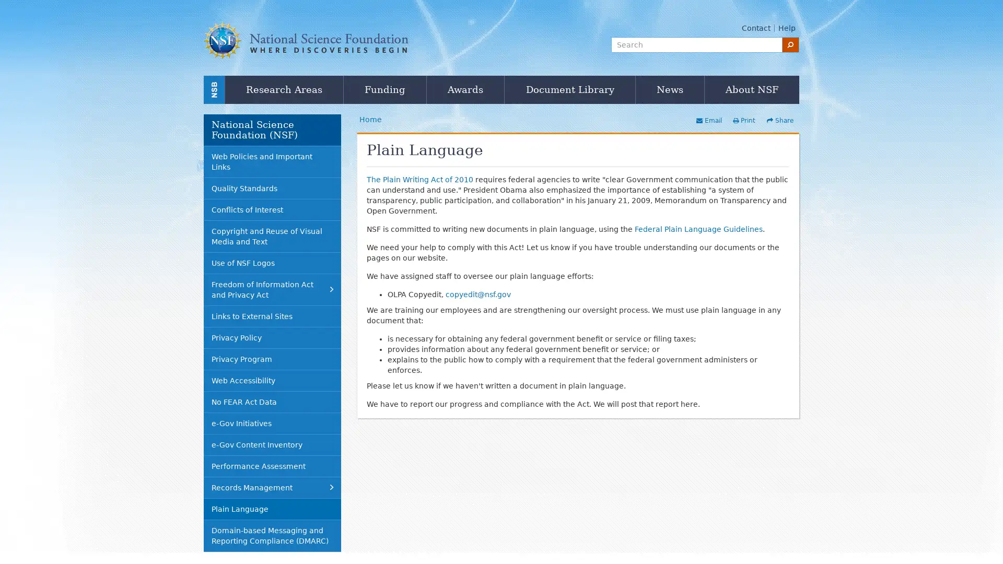 This screenshot has height=564, width=1003. Describe the element at coordinates (790, 44) in the screenshot. I see `search` at that location.